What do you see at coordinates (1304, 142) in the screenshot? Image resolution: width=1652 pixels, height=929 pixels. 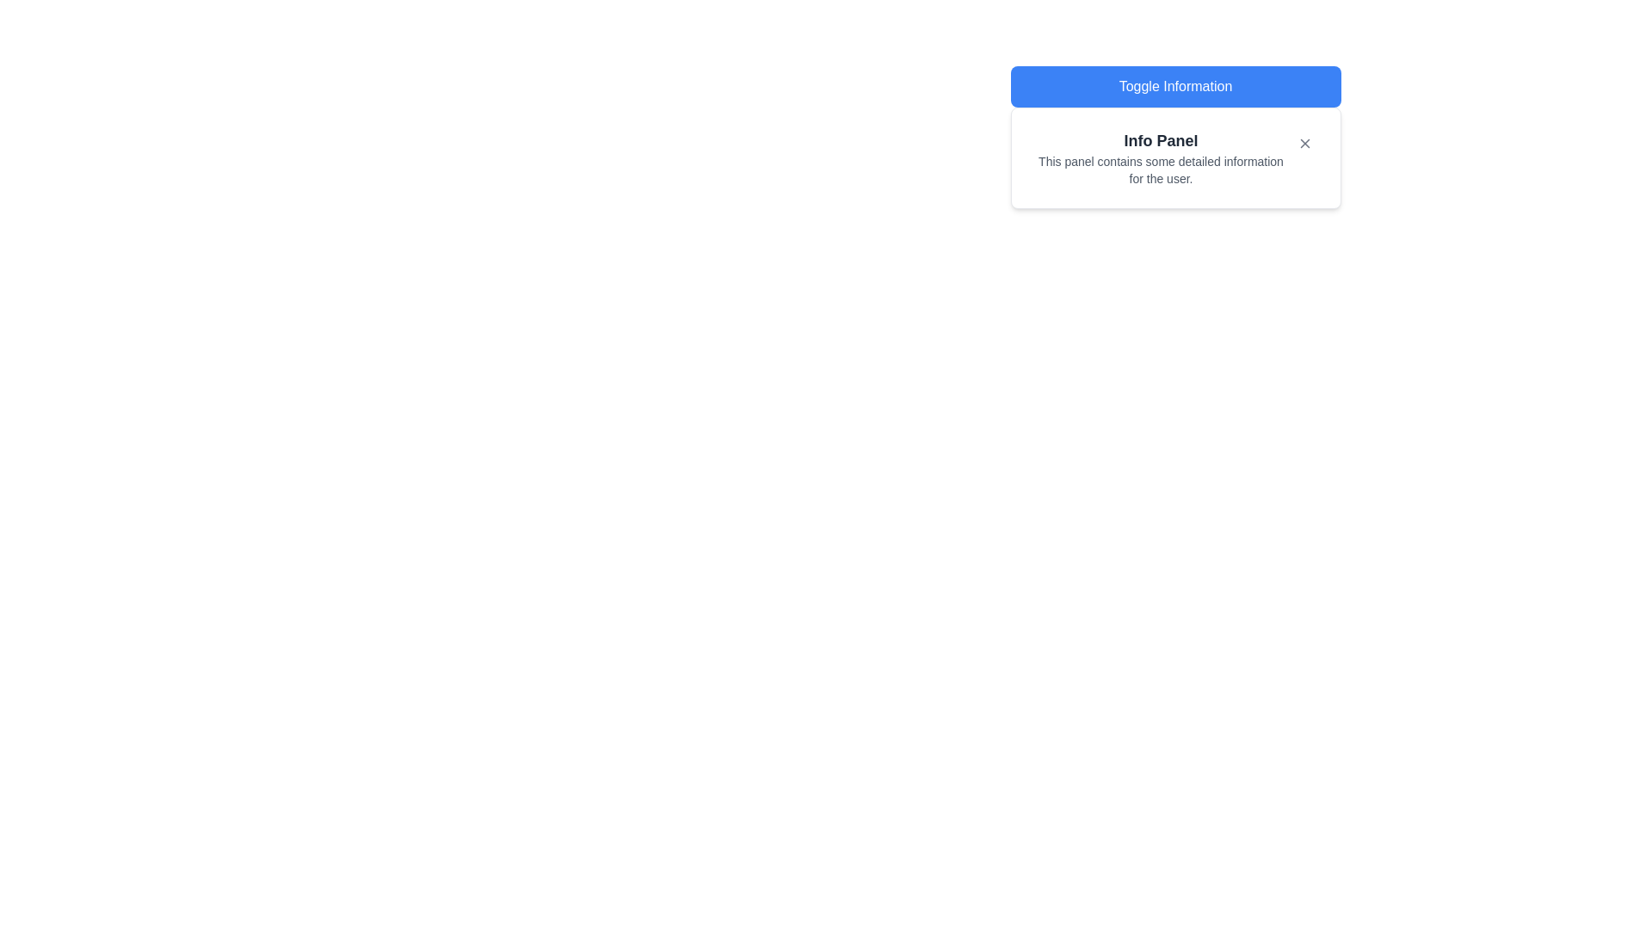 I see `the close button located in the top-right corner of the 'Info Panel' to prepare for activation` at bounding box center [1304, 142].